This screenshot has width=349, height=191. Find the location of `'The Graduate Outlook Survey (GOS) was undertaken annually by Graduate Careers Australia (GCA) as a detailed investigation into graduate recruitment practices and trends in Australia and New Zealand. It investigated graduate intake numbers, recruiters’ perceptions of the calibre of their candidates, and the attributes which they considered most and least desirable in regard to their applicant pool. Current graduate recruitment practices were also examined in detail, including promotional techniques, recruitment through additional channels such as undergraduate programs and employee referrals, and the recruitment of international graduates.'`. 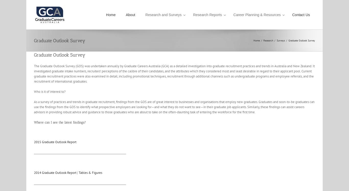

'The Graduate Outlook Survey (GOS) was undertaken annually by Graduate Careers Australia (GCA) as a detailed investigation into graduate recruitment practices and trends in Australia and New Zealand. It investigated graduate intake numbers, recruiters’ perceptions of the calibre of their candidates, and the attributes which they considered most and least desirable in regard to their applicant pool. Current graduate recruitment practices were also examined in detail, including promotional techniques, recruitment through additional channels such as undergraduate programs and employee referrals, and the recruitment of international graduates.' is located at coordinates (34, 74).